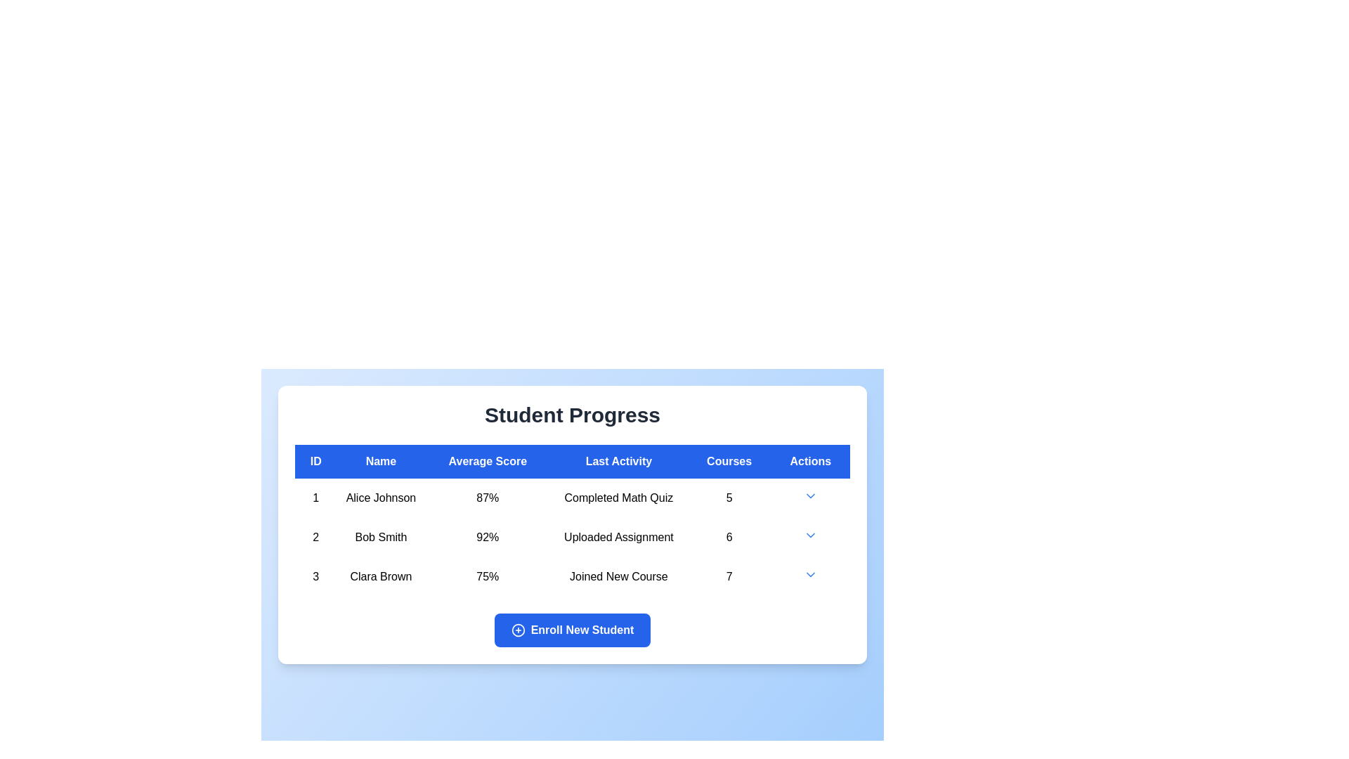 This screenshot has width=1349, height=759. What do you see at coordinates (381, 461) in the screenshot?
I see `the Table Header Cell labeled 'Name', which is styled with a bold white font on a bright blue background and positioned between the 'ID' and 'Average Score' columns` at bounding box center [381, 461].